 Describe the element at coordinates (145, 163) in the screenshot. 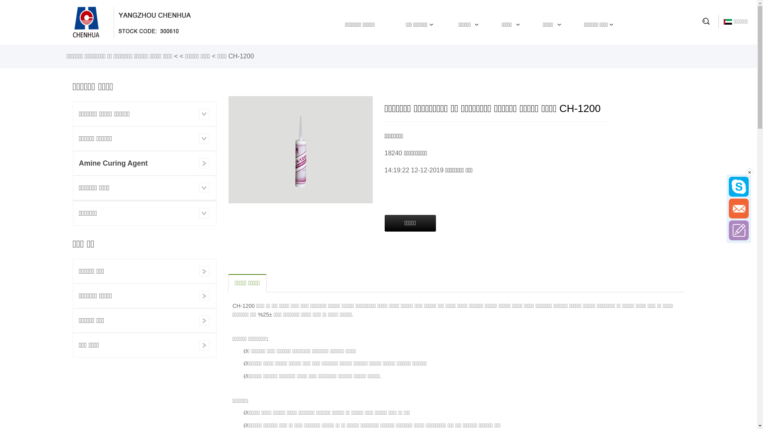

I see `'Amine Curing Agent'` at that location.